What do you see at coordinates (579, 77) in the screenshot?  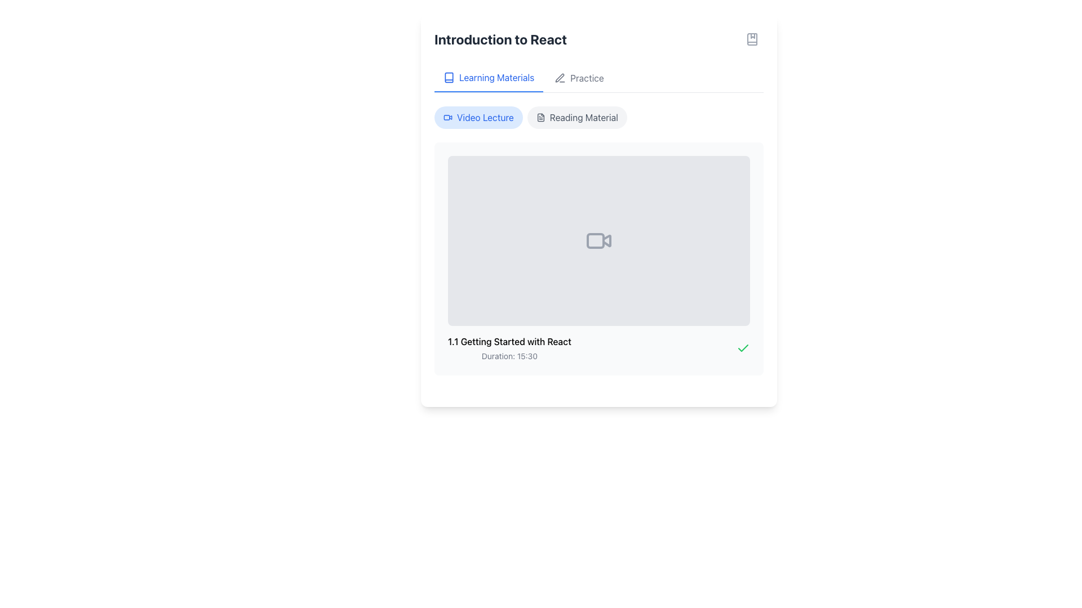 I see `the second navigation button labeled 'Practice' in the horizontal navigation bar` at bounding box center [579, 77].